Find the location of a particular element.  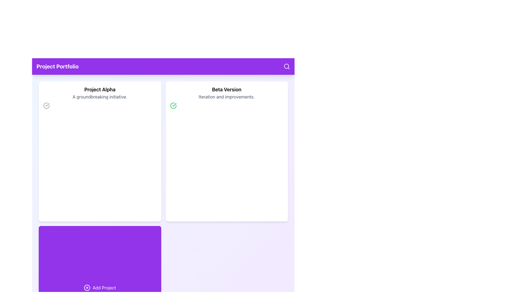

the circular vector graphic element that resembles an outline of a circle in light gray, located at the top left inside the 'Project Alpha' card is located at coordinates (46, 105).